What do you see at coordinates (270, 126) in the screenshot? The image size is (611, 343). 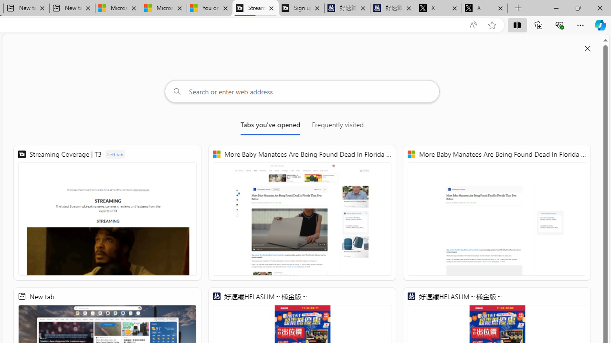 I see `'Tabs you'` at bounding box center [270, 126].